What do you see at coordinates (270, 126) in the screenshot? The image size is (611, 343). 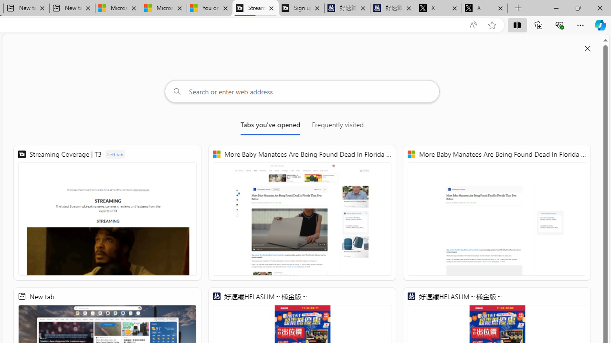 I see `'Tabs you'` at bounding box center [270, 126].